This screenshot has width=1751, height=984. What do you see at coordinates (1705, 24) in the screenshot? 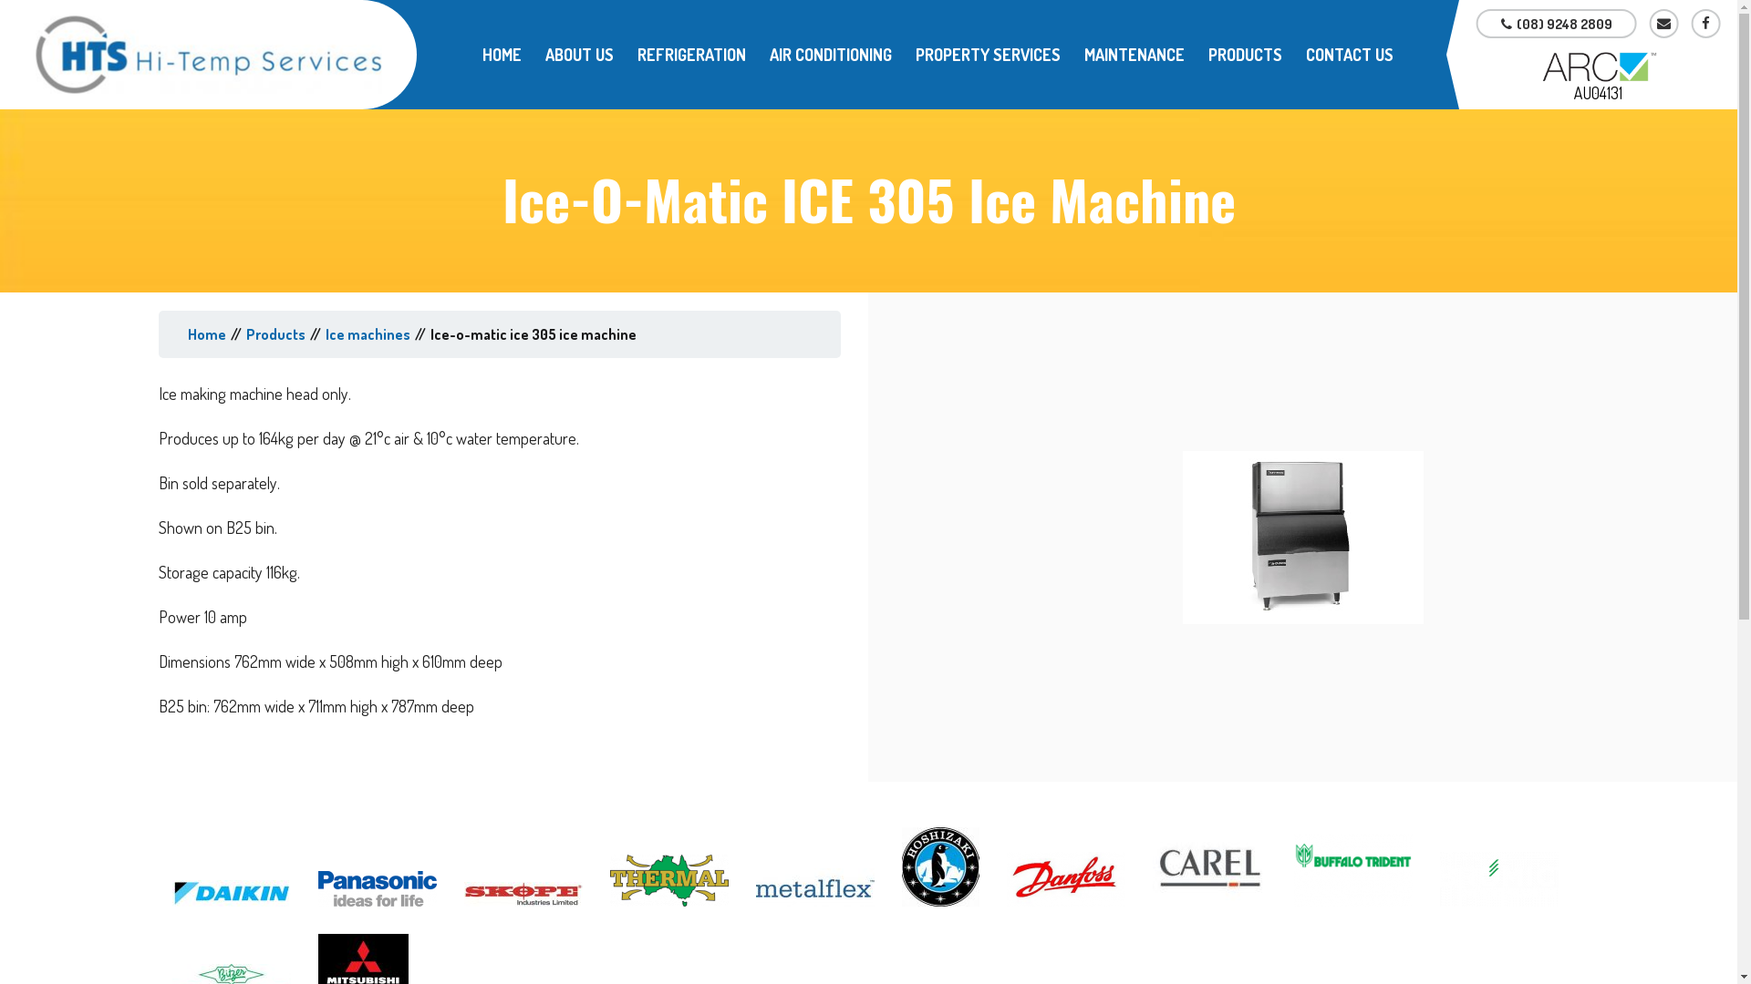
I see `'Our Facebook page'` at bounding box center [1705, 24].